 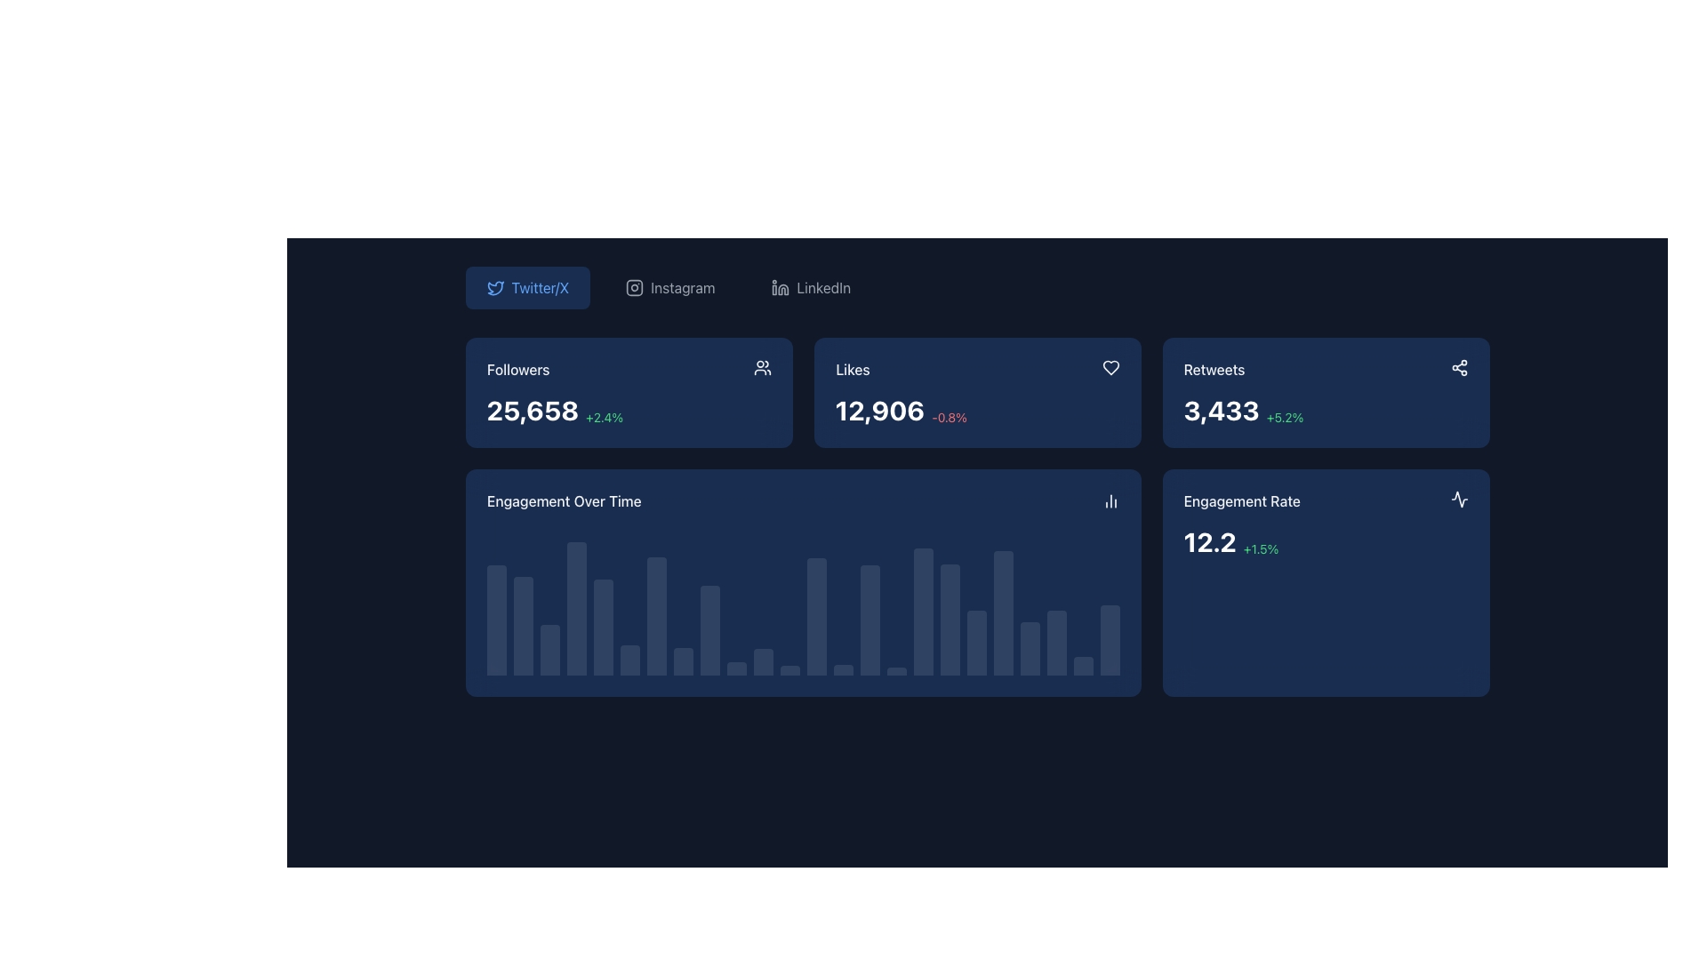 I want to click on the 11th vertical bar in the 'Engagement Over Time' bar chart, so click(x=763, y=661).